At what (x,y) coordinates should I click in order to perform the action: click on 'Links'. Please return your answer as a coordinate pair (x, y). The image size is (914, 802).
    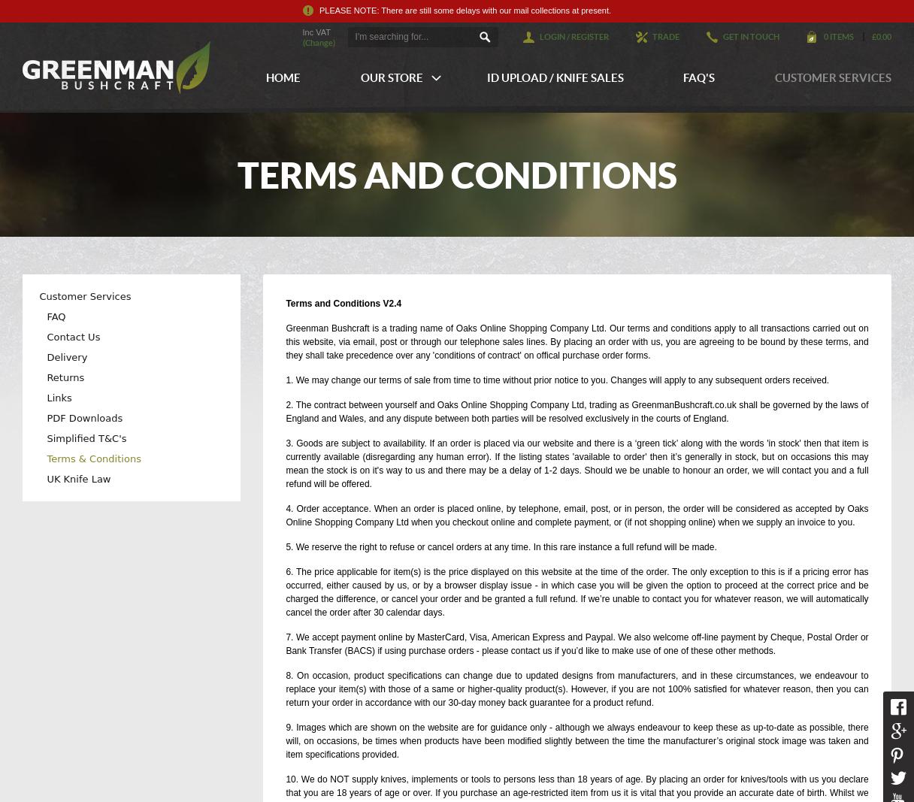
    Looking at the image, I should click on (59, 397).